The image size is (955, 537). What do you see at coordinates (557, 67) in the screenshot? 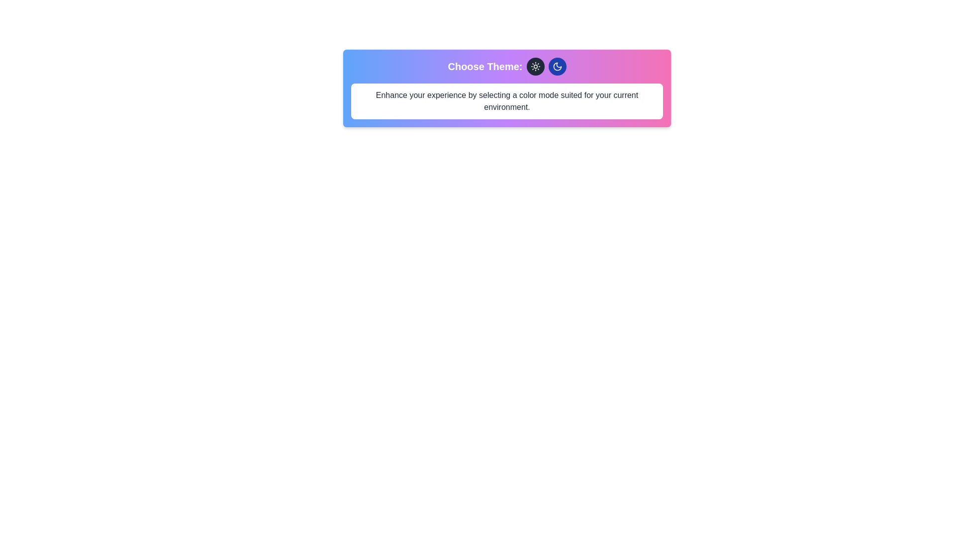
I see `the theme toggle button for moon mode located to the right of the sun icon button, which is aligned with the 'Choose Theme:' text` at bounding box center [557, 67].